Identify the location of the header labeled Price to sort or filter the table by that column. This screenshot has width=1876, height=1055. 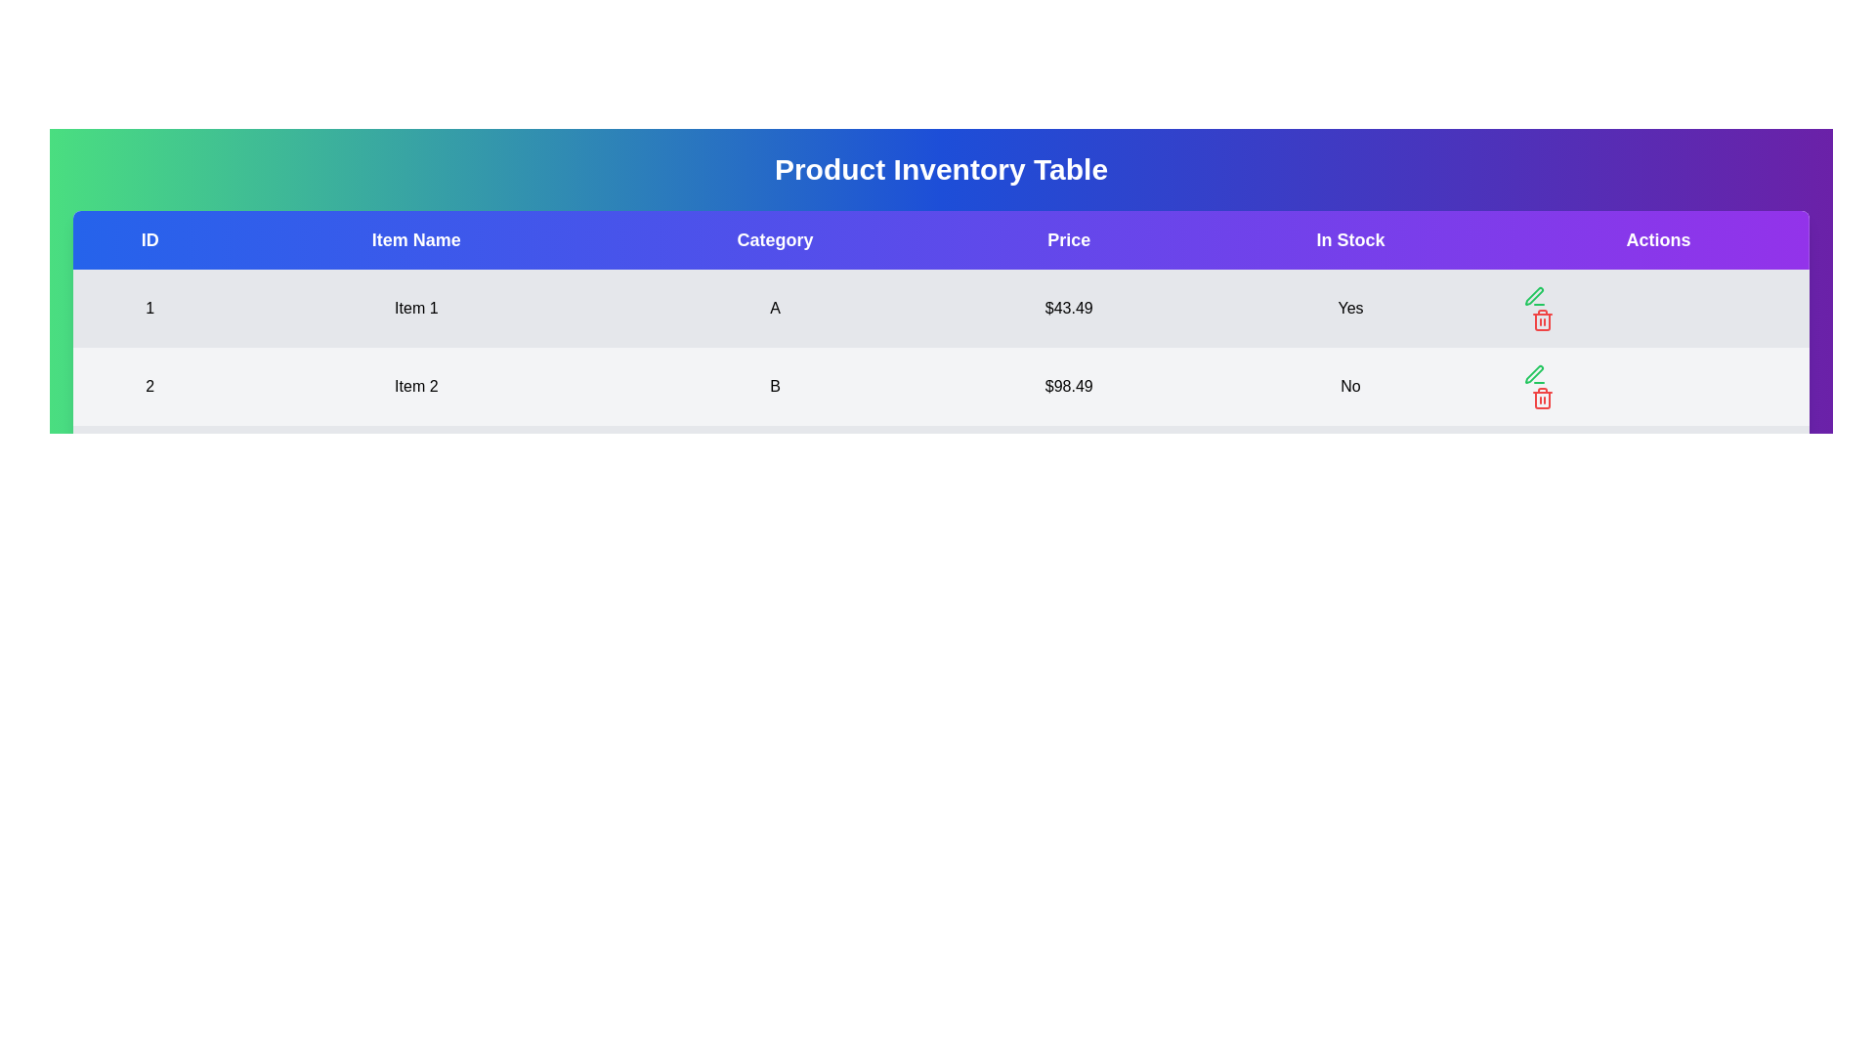
(1068, 239).